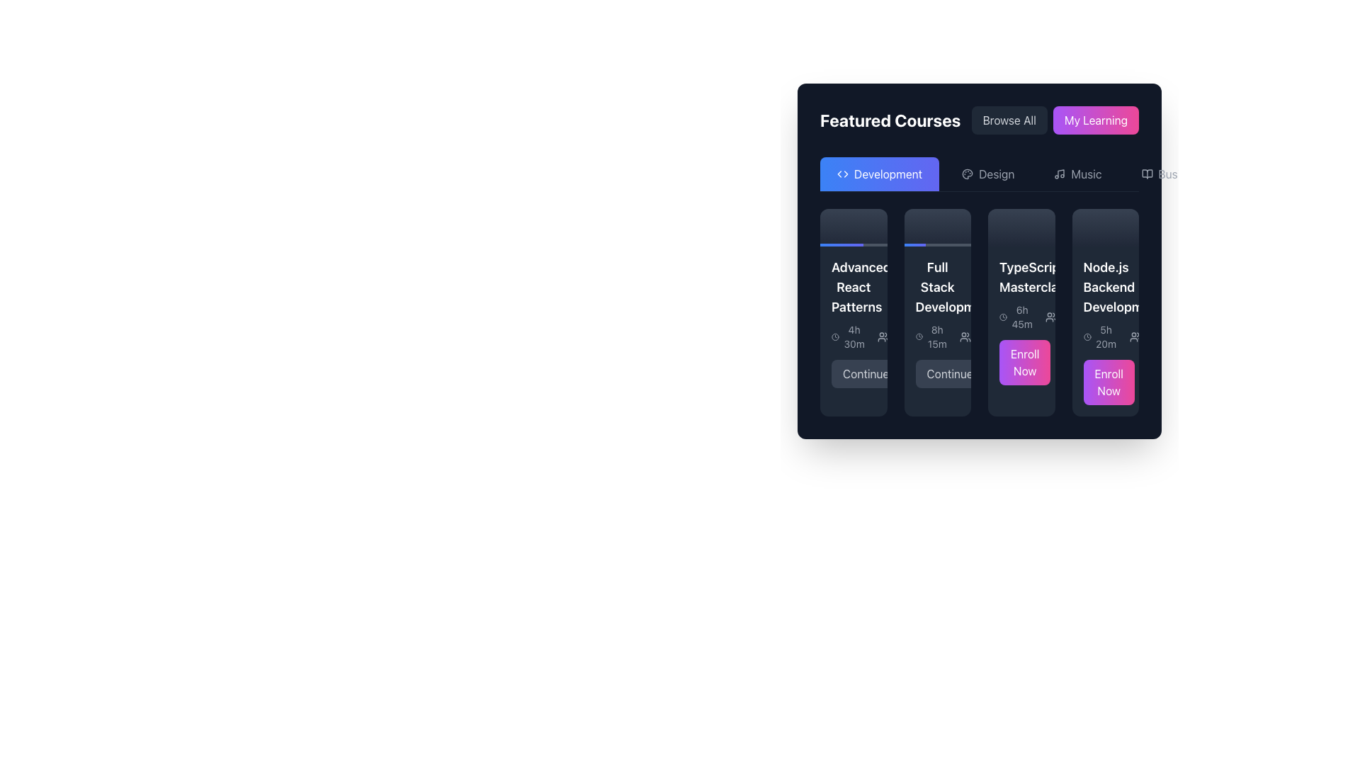 The height and width of the screenshot is (765, 1360). I want to click on the user icon that represents multiple users, styled in white with minimalistic outlines, located at the top-right corner of the featured course section, so click(1051, 317).